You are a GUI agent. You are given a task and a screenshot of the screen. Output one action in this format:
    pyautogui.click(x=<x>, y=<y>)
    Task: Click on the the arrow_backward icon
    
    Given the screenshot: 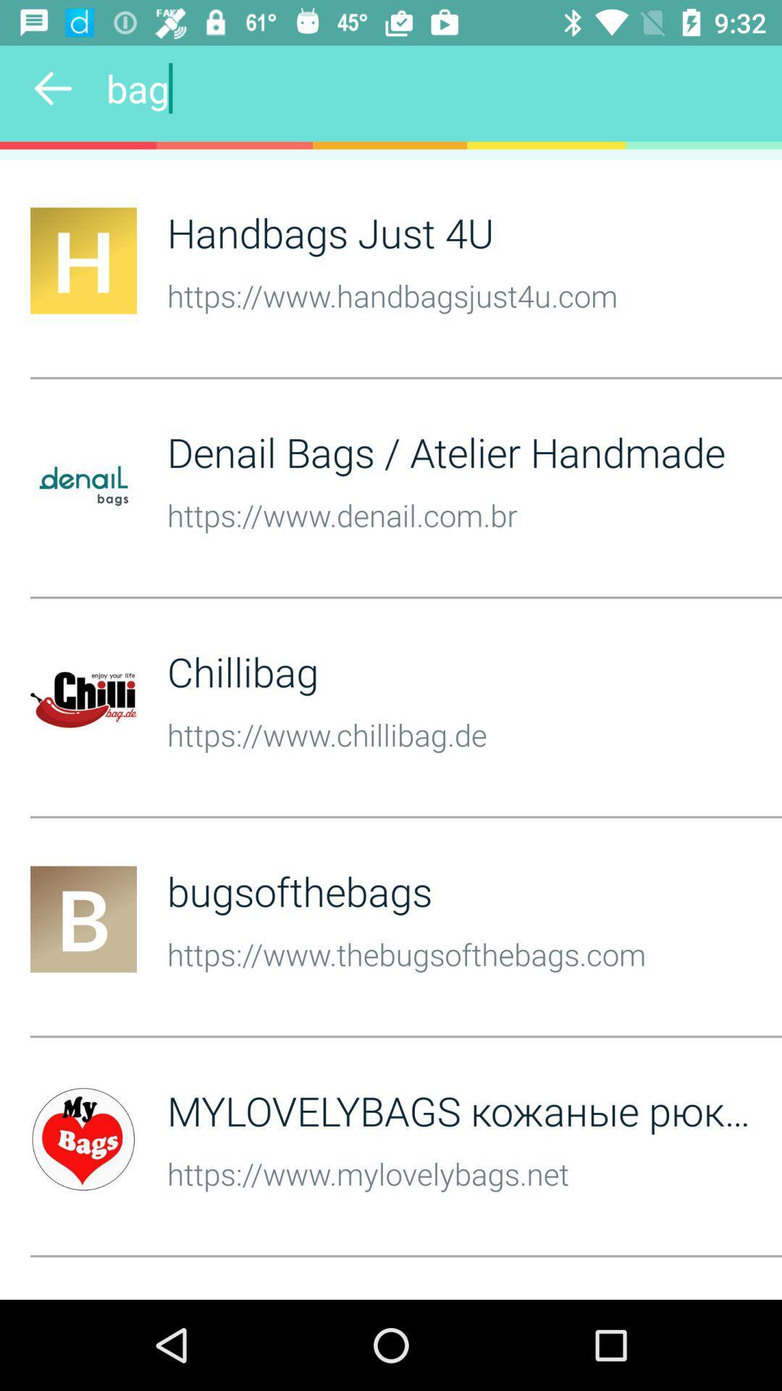 What is the action you would take?
    pyautogui.click(x=52, y=88)
    